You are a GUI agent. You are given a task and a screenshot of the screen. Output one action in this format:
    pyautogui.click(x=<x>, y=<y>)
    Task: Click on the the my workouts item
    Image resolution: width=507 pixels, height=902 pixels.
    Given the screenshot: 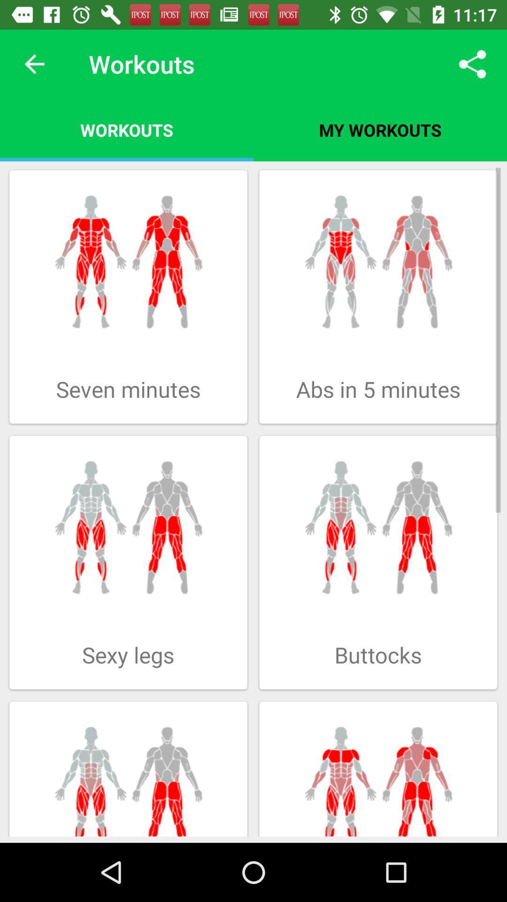 What is the action you would take?
    pyautogui.click(x=380, y=129)
    